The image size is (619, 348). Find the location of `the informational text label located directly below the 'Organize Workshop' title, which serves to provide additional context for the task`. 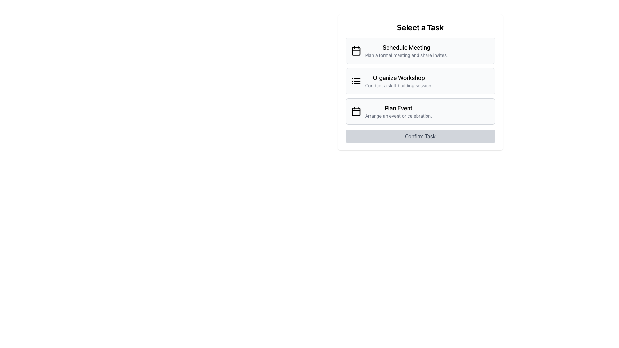

the informational text label located directly below the 'Organize Workshop' title, which serves to provide additional context for the task is located at coordinates (398, 85).